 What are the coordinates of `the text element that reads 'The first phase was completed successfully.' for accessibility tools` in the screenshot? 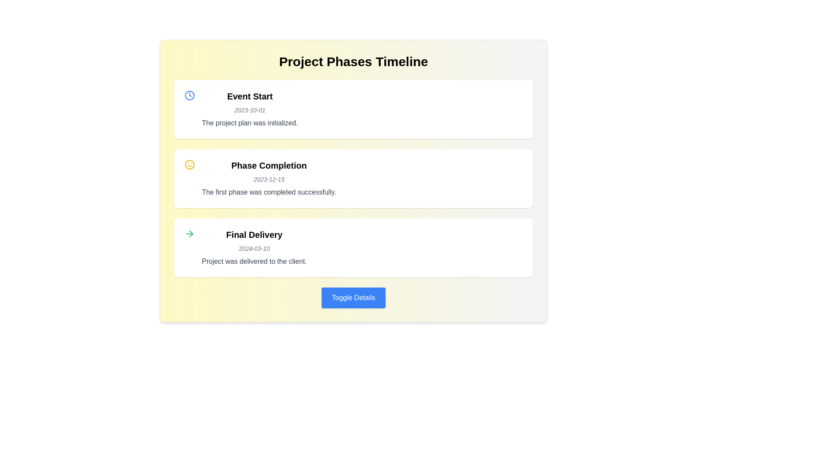 It's located at (268, 192).